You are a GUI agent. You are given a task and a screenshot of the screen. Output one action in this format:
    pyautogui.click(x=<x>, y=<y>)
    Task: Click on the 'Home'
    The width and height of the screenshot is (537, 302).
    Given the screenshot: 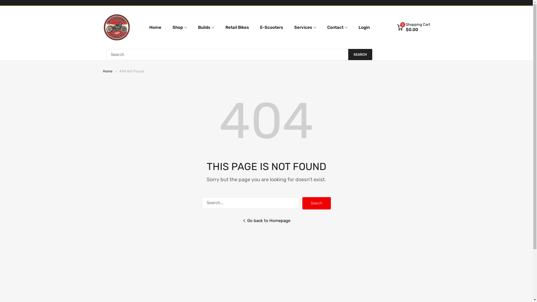 What is the action you would take?
    pyautogui.click(x=107, y=71)
    